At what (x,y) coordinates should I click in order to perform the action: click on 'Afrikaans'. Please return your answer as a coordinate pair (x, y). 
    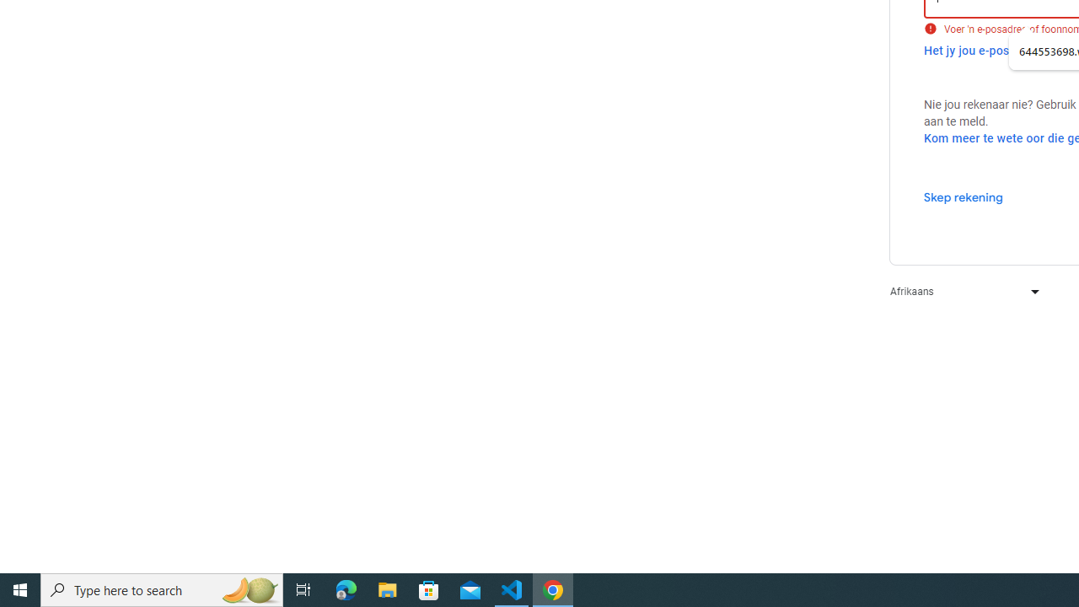
    Looking at the image, I should click on (960, 290).